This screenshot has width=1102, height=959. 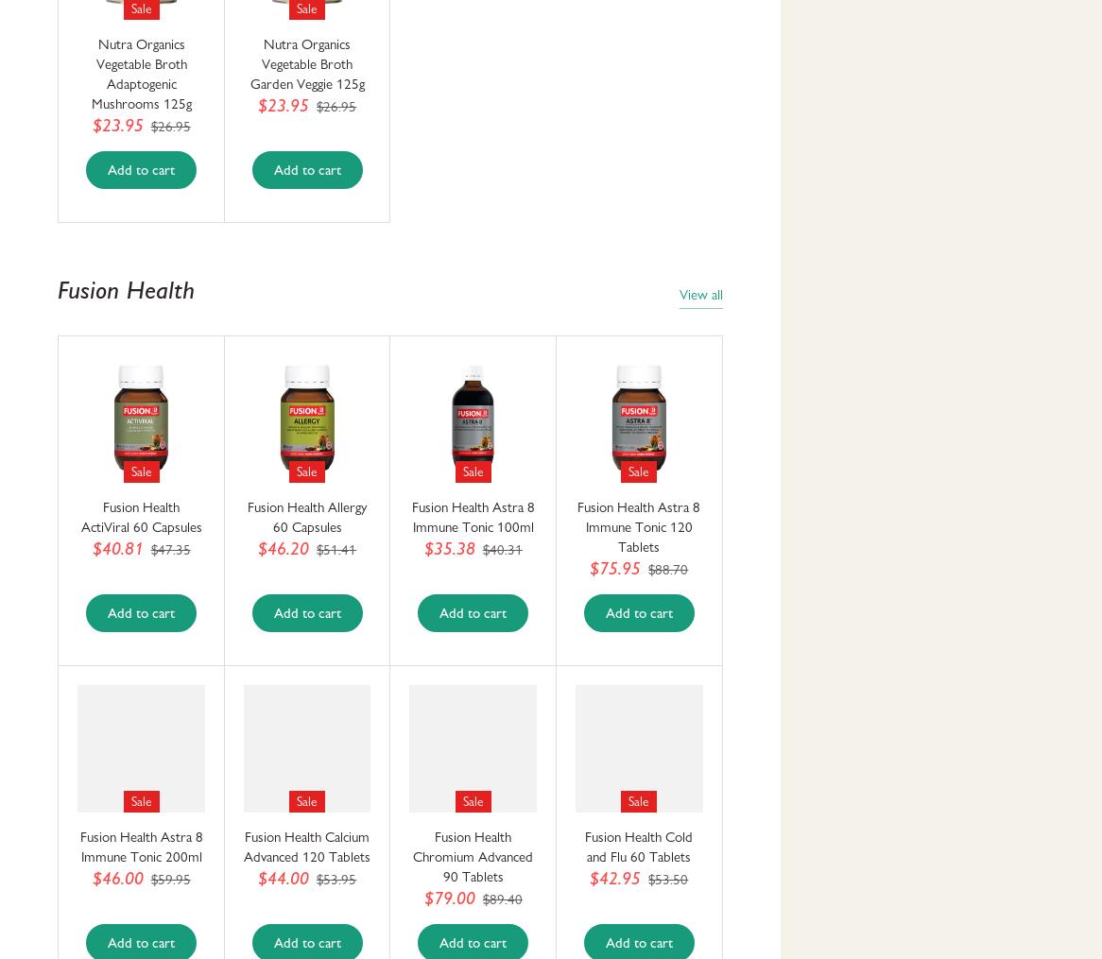 What do you see at coordinates (283, 548) in the screenshot?
I see `'$46.20'` at bounding box center [283, 548].